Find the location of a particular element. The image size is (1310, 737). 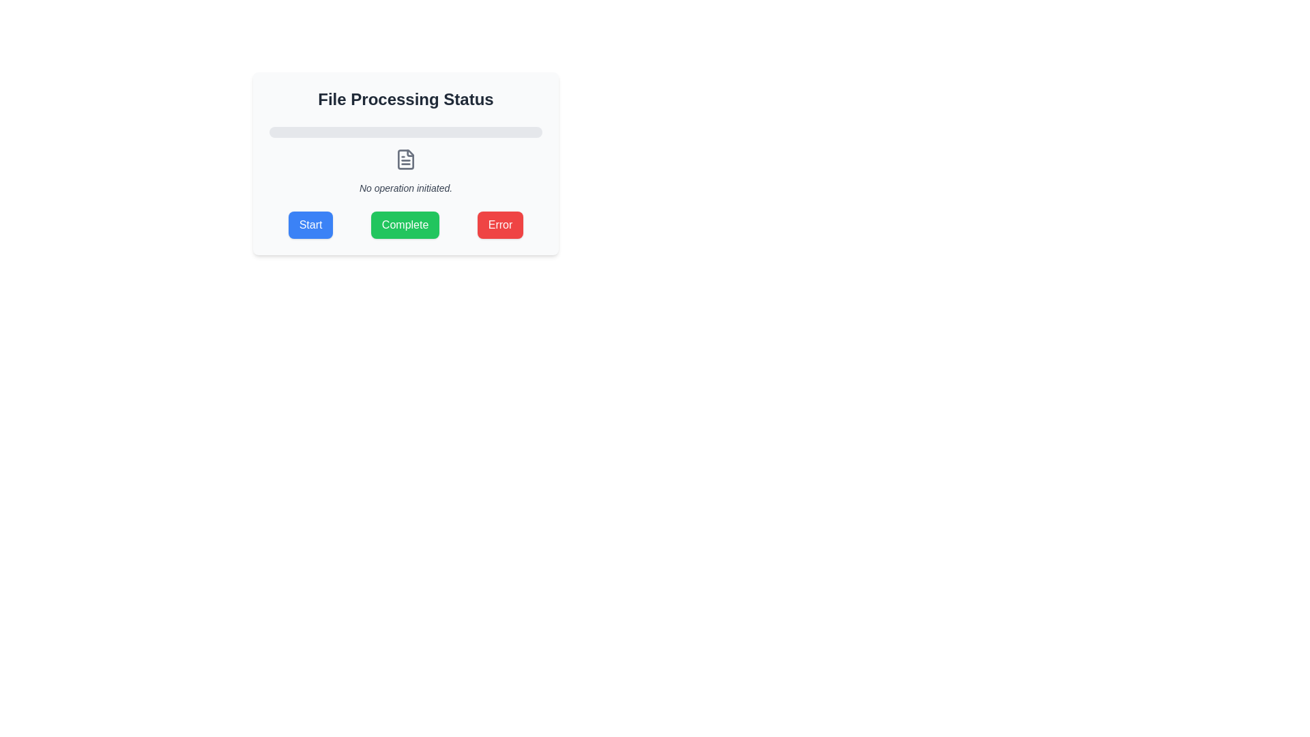

the 'Start' button, which is a blue rectangular button with white text, located towards the lower portion of the 'File Processing Status' panel is located at coordinates (310, 225).